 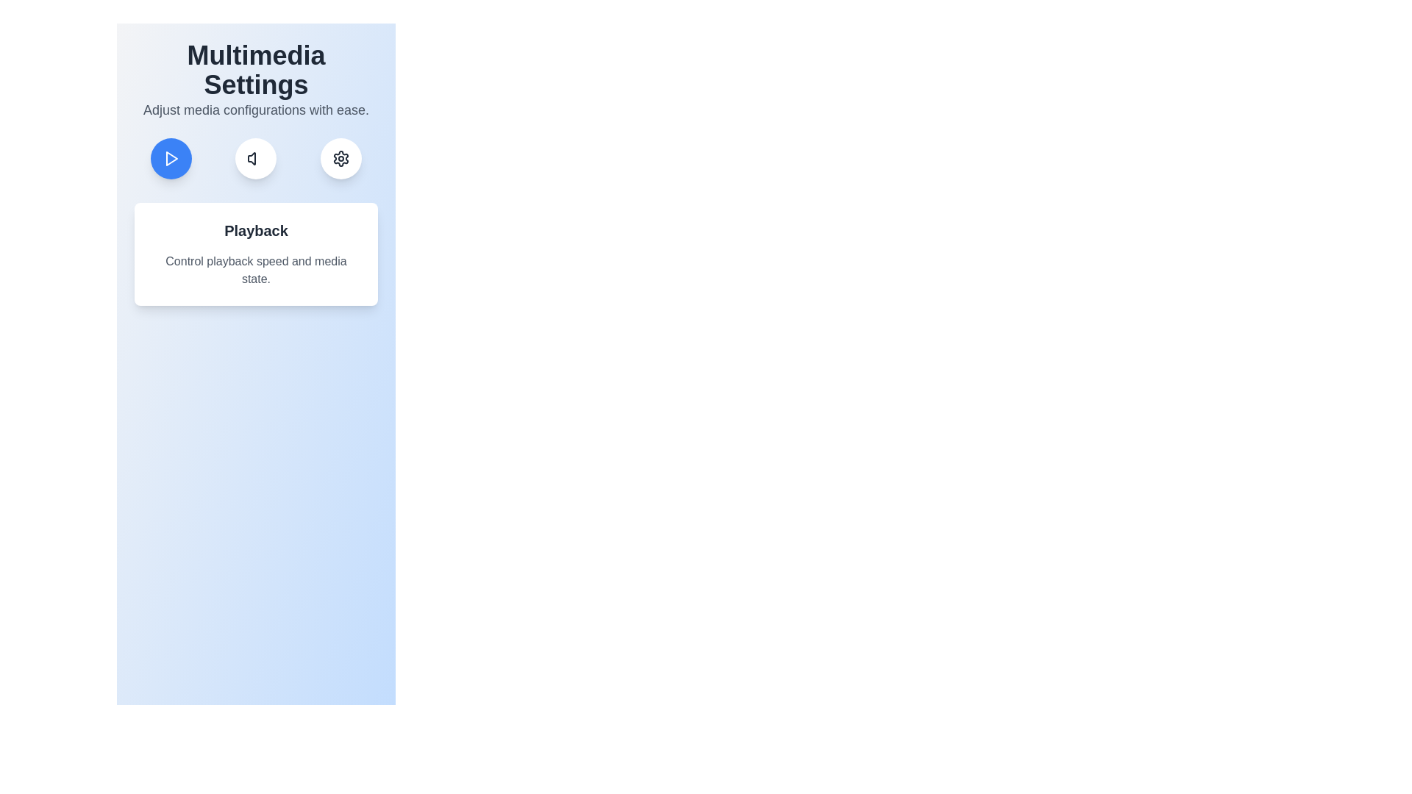 What do you see at coordinates (256, 159) in the screenshot?
I see `the Audio tab by clicking its corresponding button` at bounding box center [256, 159].